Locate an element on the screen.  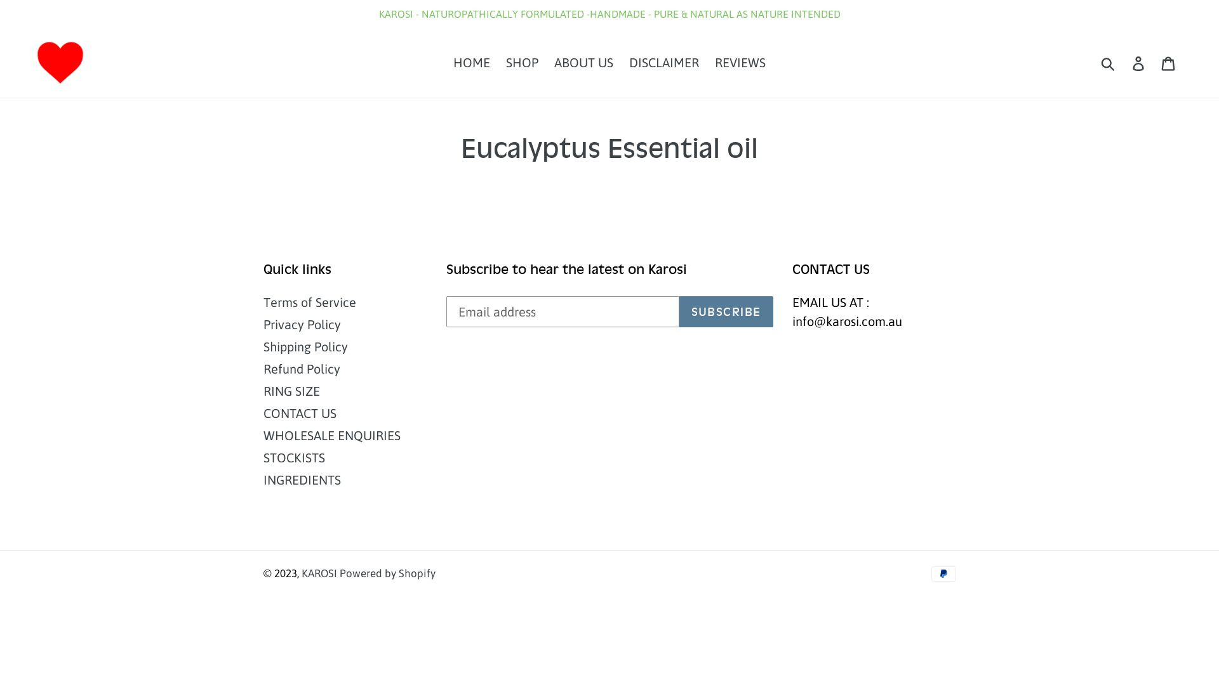
'Terms of Service' is located at coordinates (310, 302).